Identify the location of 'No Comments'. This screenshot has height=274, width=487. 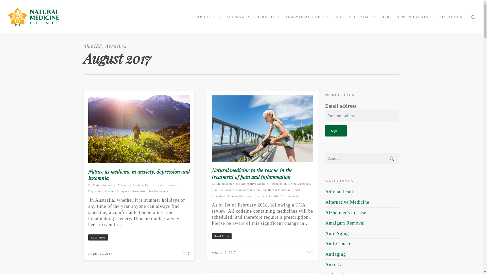
(149, 191).